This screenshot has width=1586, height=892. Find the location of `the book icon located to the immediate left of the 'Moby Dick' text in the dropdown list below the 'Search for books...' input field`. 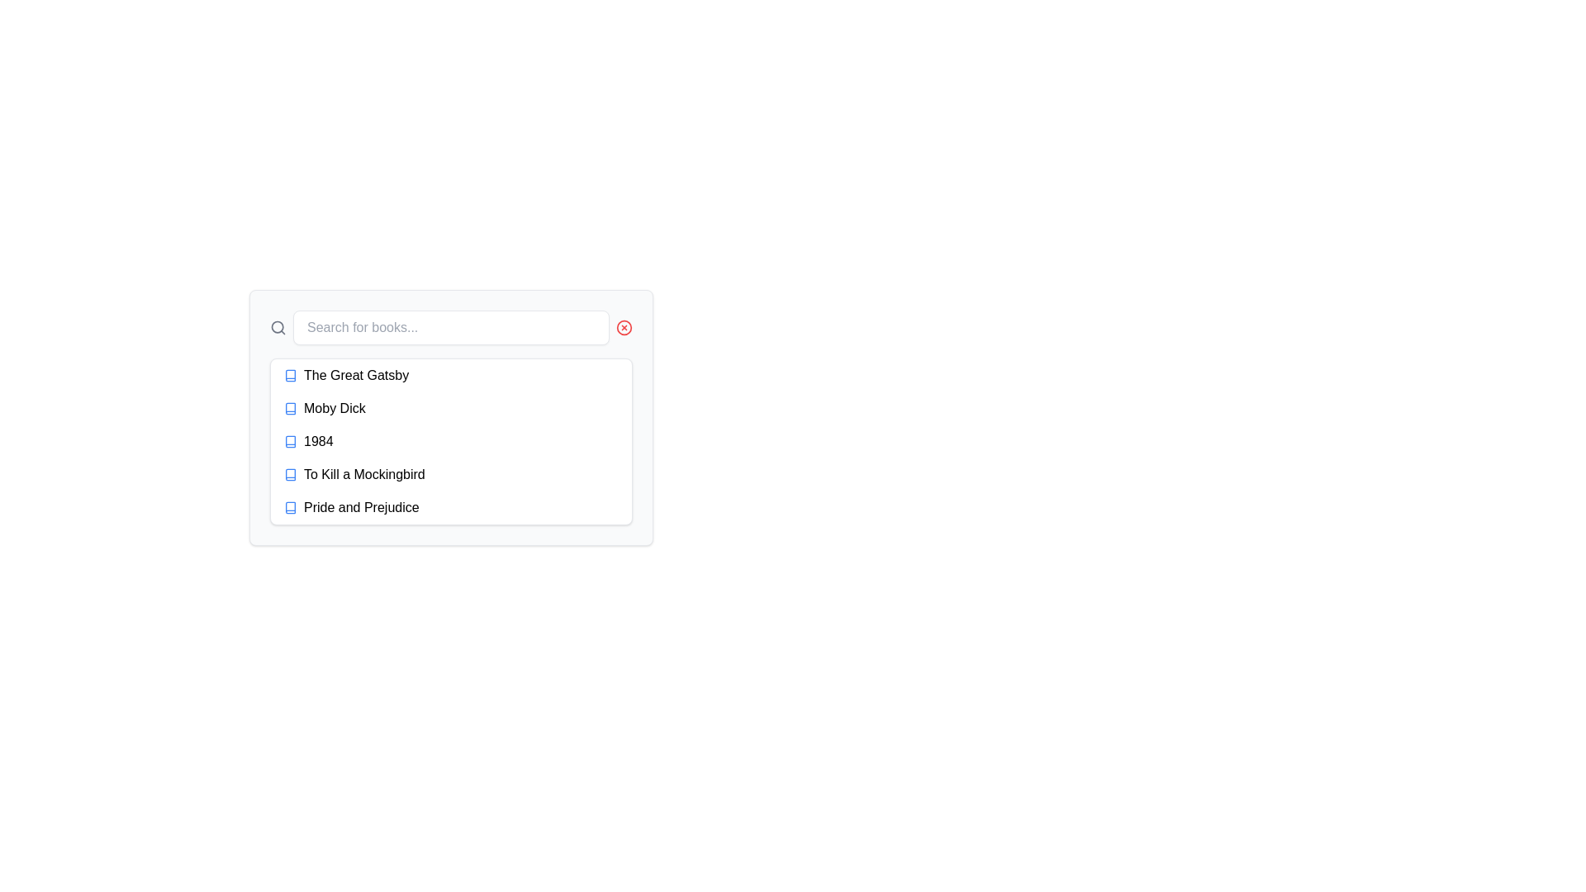

the book icon located to the immediate left of the 'Moby Dick' text in the dropdown list below the 'Search for books...' input field is located at coordinates (290, 408).